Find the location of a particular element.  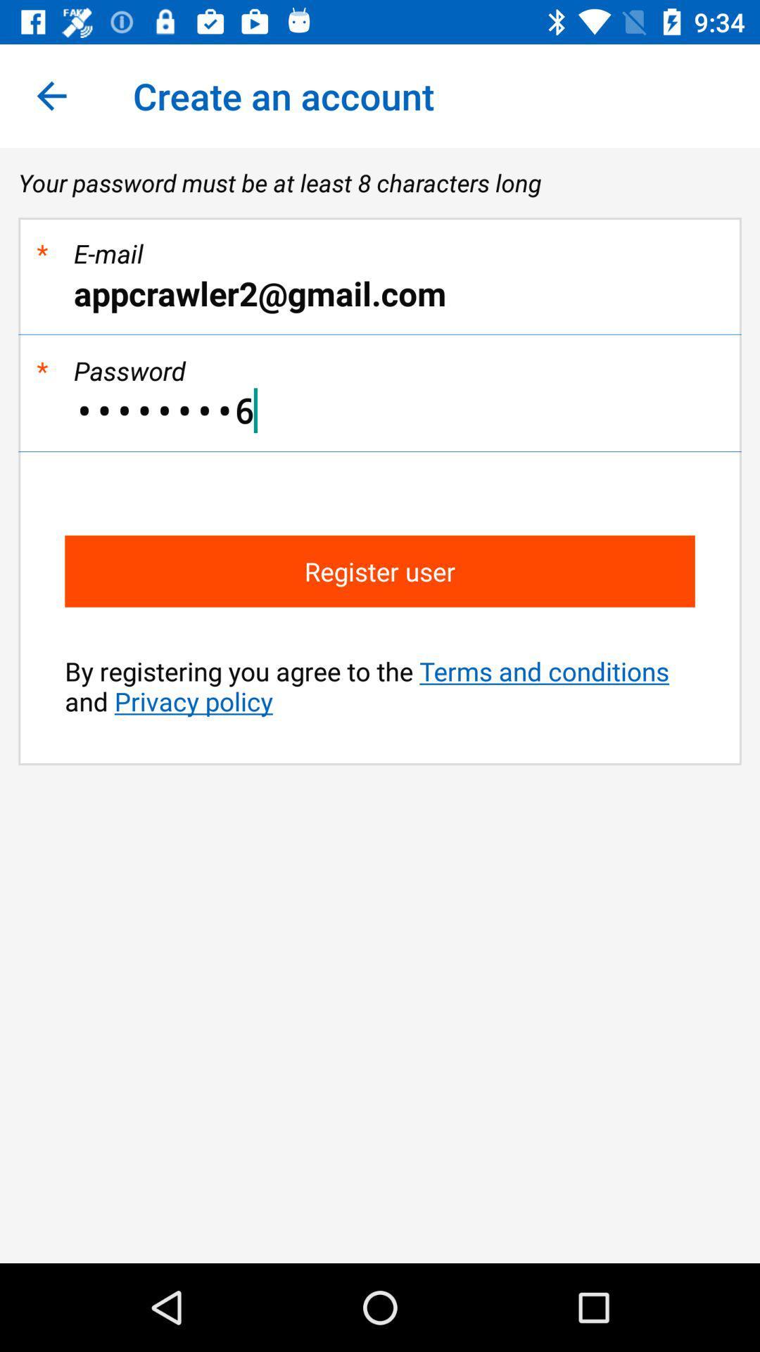

the item below the register user is located at coordinates (380, 686).